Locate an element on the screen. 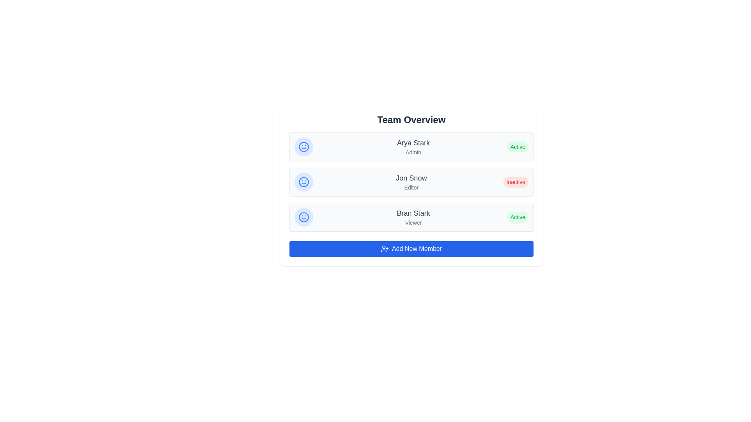 The height and width of the screenshot is (422, 751). the Avatar icon, which is a circular icon with a light blue background and a smiling face, located within the 'Team Overview' section next to 'Bran Stark' and 'Viewer' is located at coordinates (304, 217).